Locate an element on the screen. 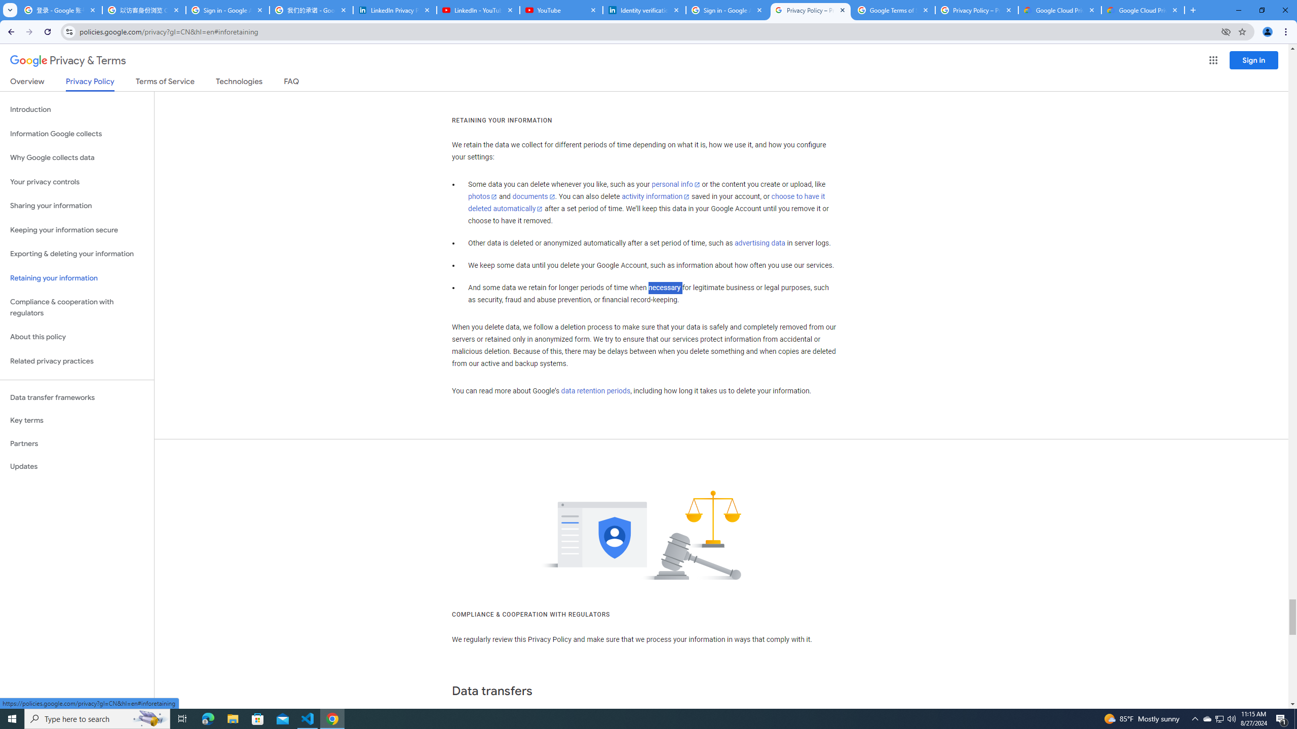 The width and height of the screenshot is (1297, 729). 'documents' is located at coordinates (533, 196).